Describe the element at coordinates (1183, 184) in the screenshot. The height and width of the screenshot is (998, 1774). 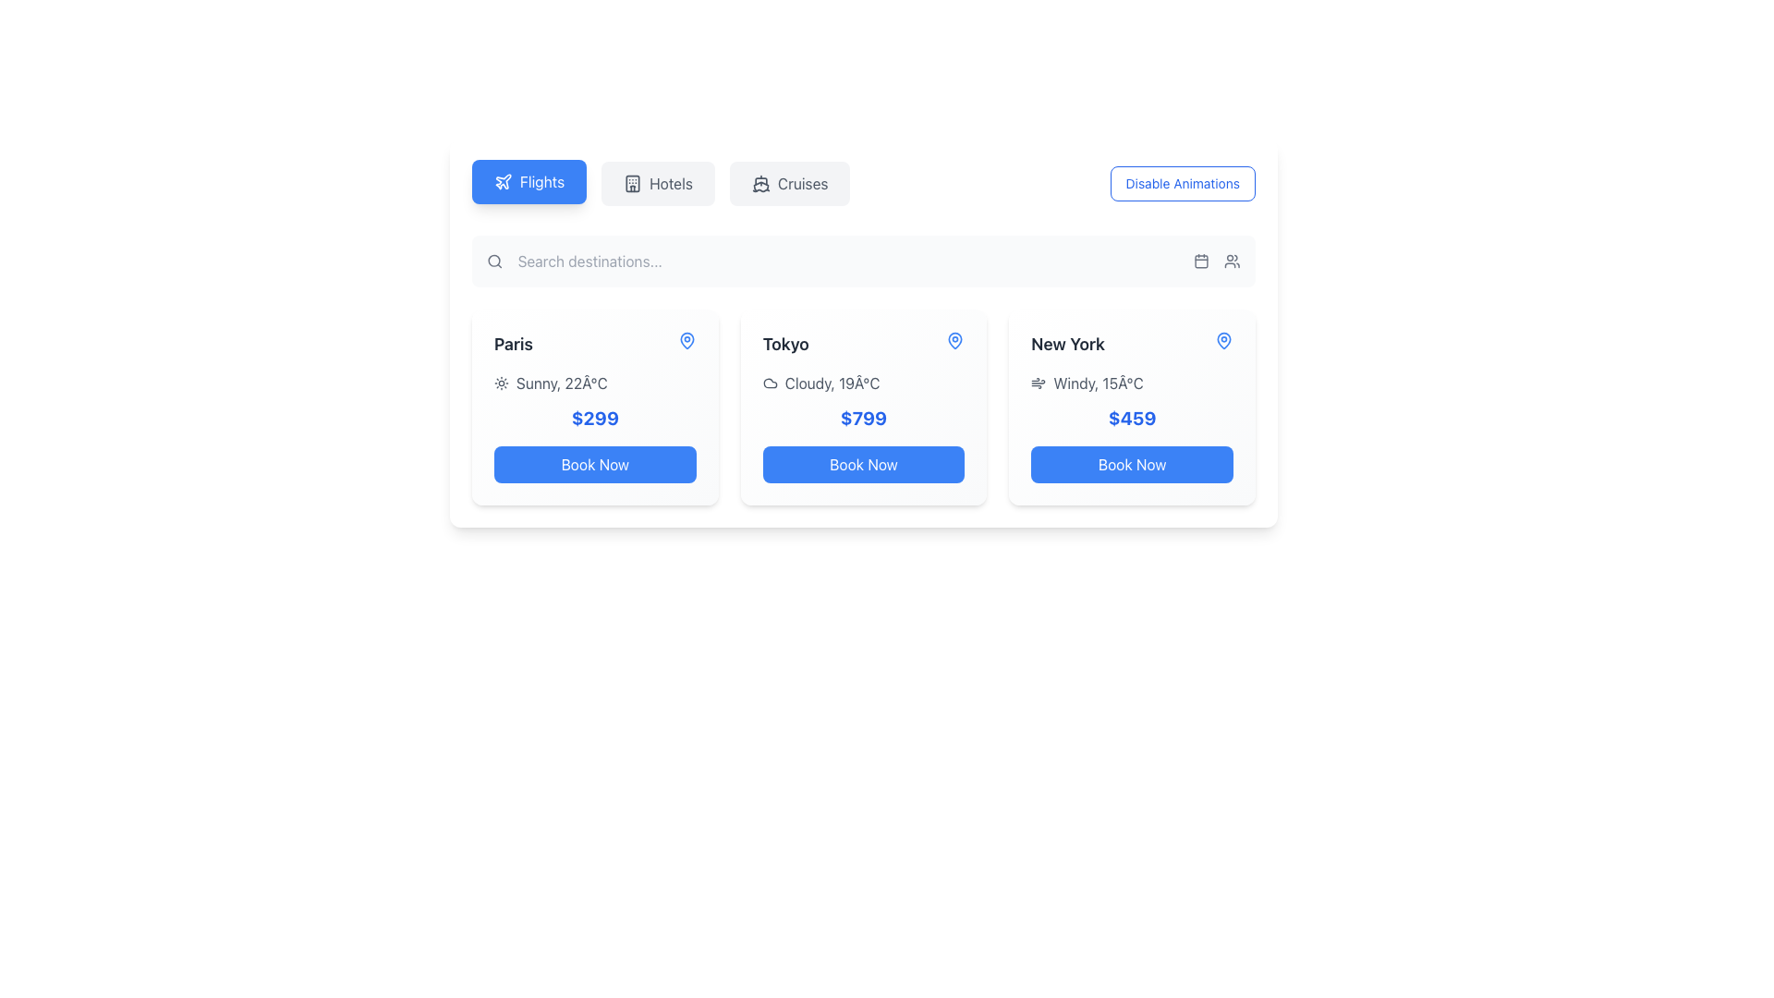
I see `the button located at the top-right corner of the navigation features` at that location.